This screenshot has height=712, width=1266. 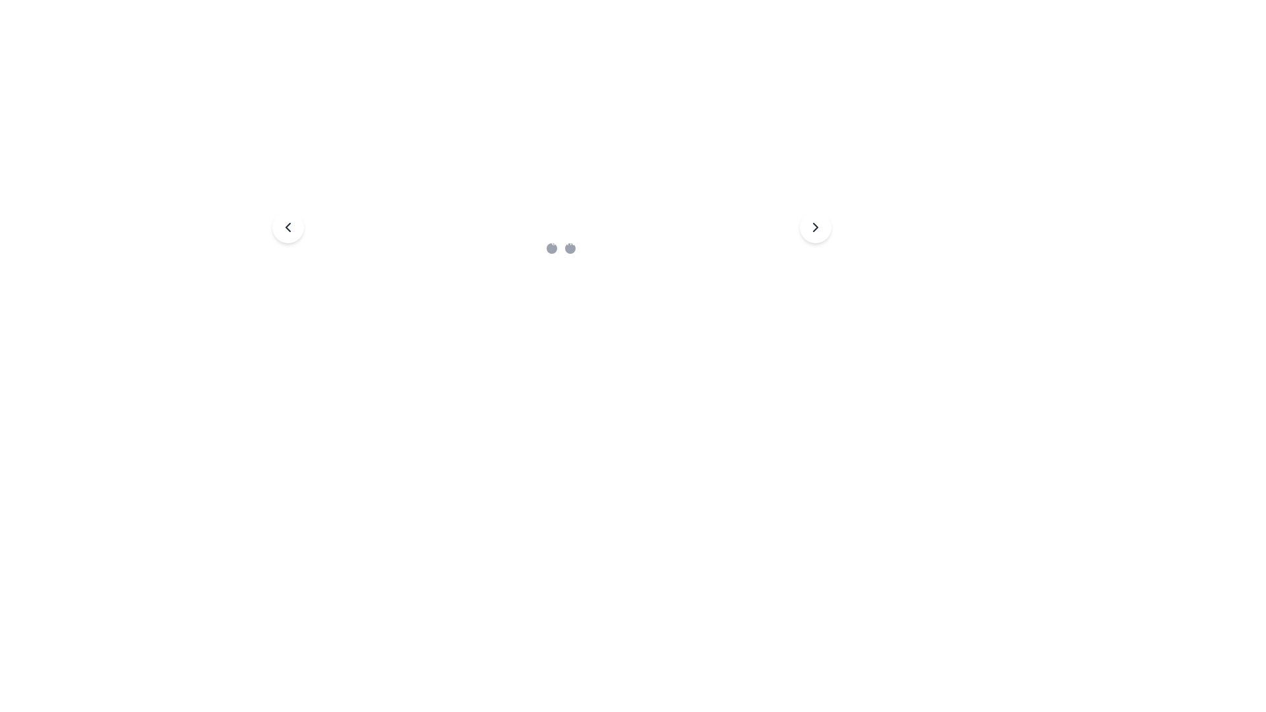 I want to click on the dark gray chevron pointing left icon within its circular white button, so click(x=287, y=226).